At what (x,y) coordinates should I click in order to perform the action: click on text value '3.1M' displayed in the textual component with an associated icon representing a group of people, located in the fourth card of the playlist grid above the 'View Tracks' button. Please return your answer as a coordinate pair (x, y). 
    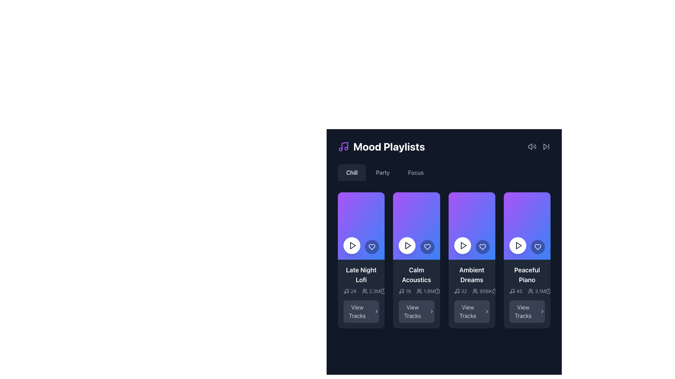
    Looking at the image, I should click on (536, 291).